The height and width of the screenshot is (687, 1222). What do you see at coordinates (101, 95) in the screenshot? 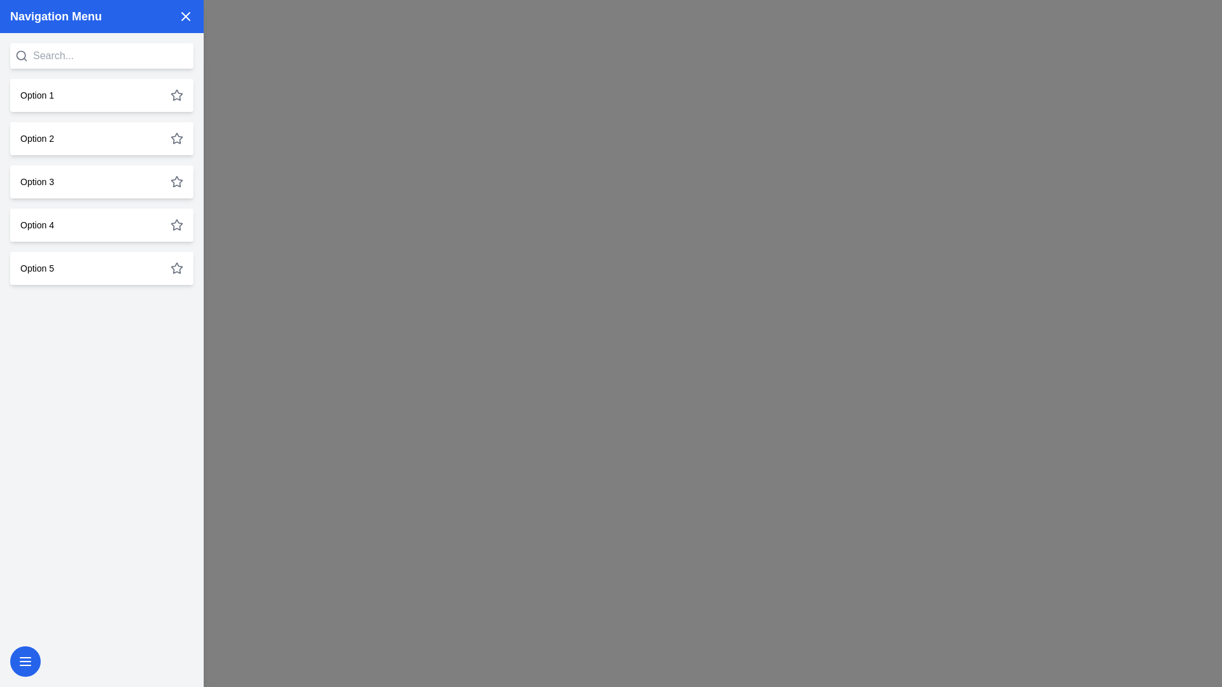
I see `the first selectable list item representing 'Option 1' located below the search bar` at bounding box center [101, 95].